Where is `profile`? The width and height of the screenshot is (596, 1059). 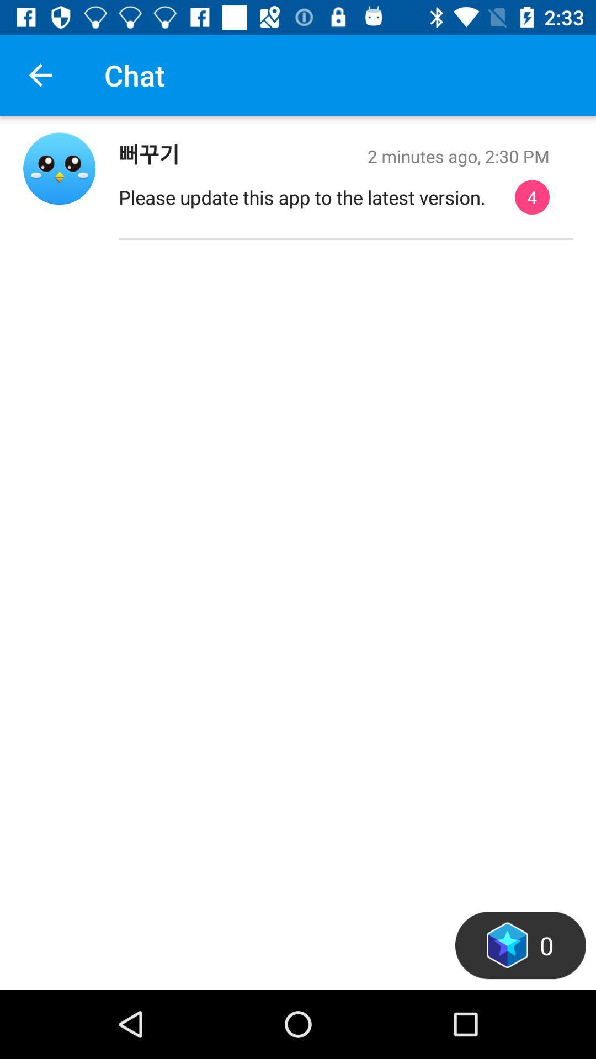 profile is located at coordinates (59, 168).